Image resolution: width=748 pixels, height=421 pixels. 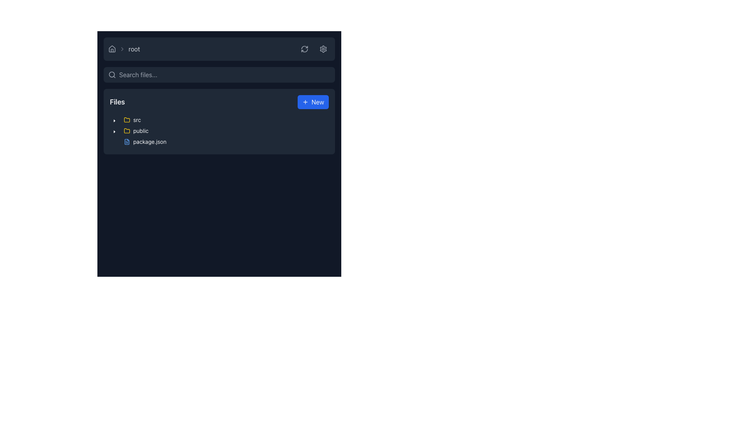 What do you see at coordinates (112, 49) in the screenshot?
I see `the small house-shaped icon located at the top-left corner of the horizontal toolbar` at bounding box center [112, 49].